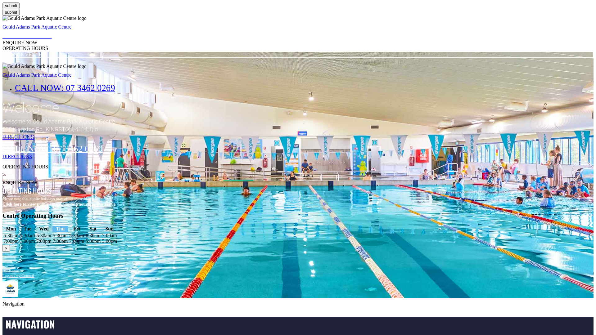 This screenshot has height=335, width=596. I want to click on 'Gould Adams Park Aquatic Centre', so click(37, 74).